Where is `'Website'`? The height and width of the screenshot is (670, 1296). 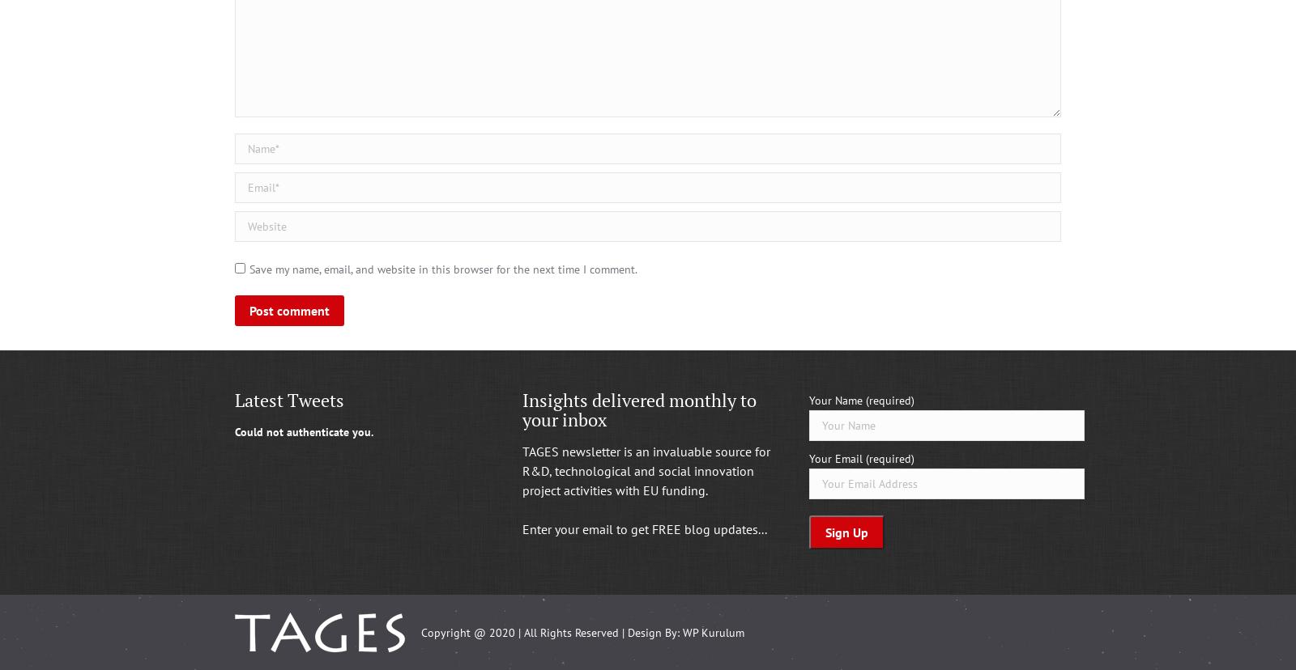
'Website' is located at coordinates (256, 220).